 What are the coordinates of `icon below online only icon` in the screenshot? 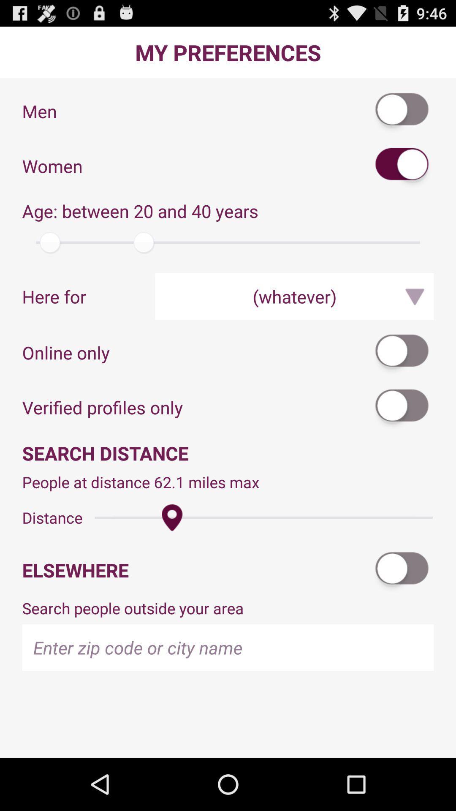 It's located at (402, 407).